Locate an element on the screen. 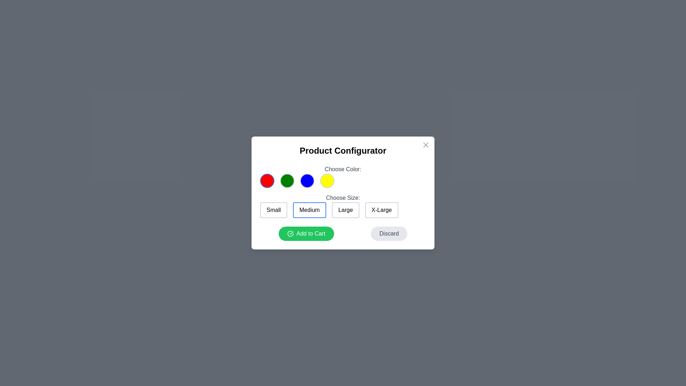 This screenshot has height=386, width=686. the circular check mark icon with a green background located to the left of the 'Add to Cart' button is located at coordinates (290, 234).